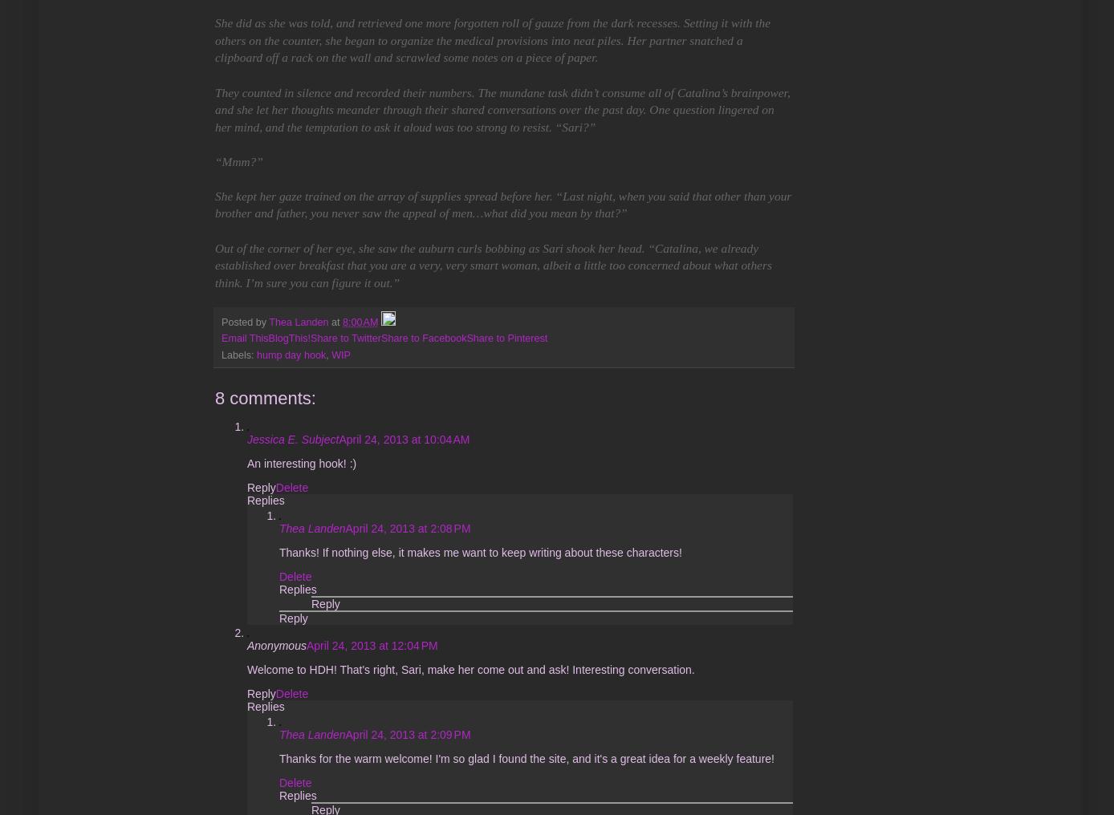 The width and height of the screenshot is (1114, 815). Describe the element at coordinates (244, 322) in the screenshot. I see `'Posted by'` at that location.